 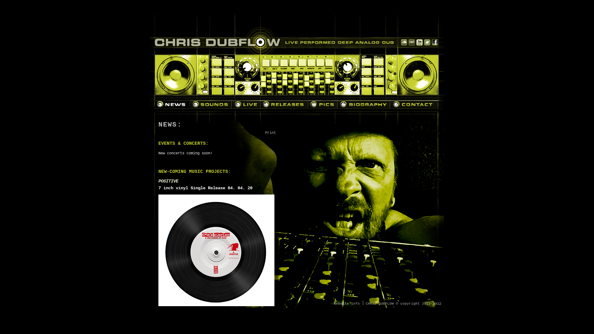 What do you see at coordinates (211, 104) in the screenshot?
I see `'SOUNDS'` at bounding box center [211, 104].